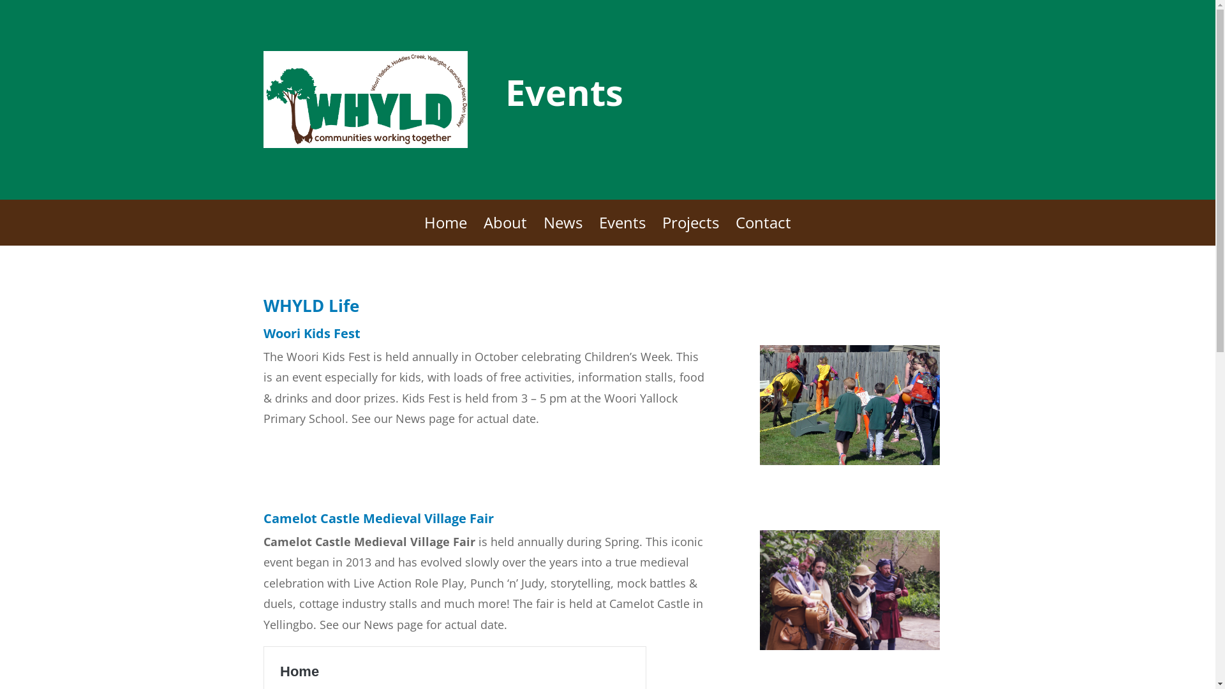 The image size is (1225, 689). Describe the element at coordinates (763, 232) in the screenshot. I see `'Contact'` at that location.